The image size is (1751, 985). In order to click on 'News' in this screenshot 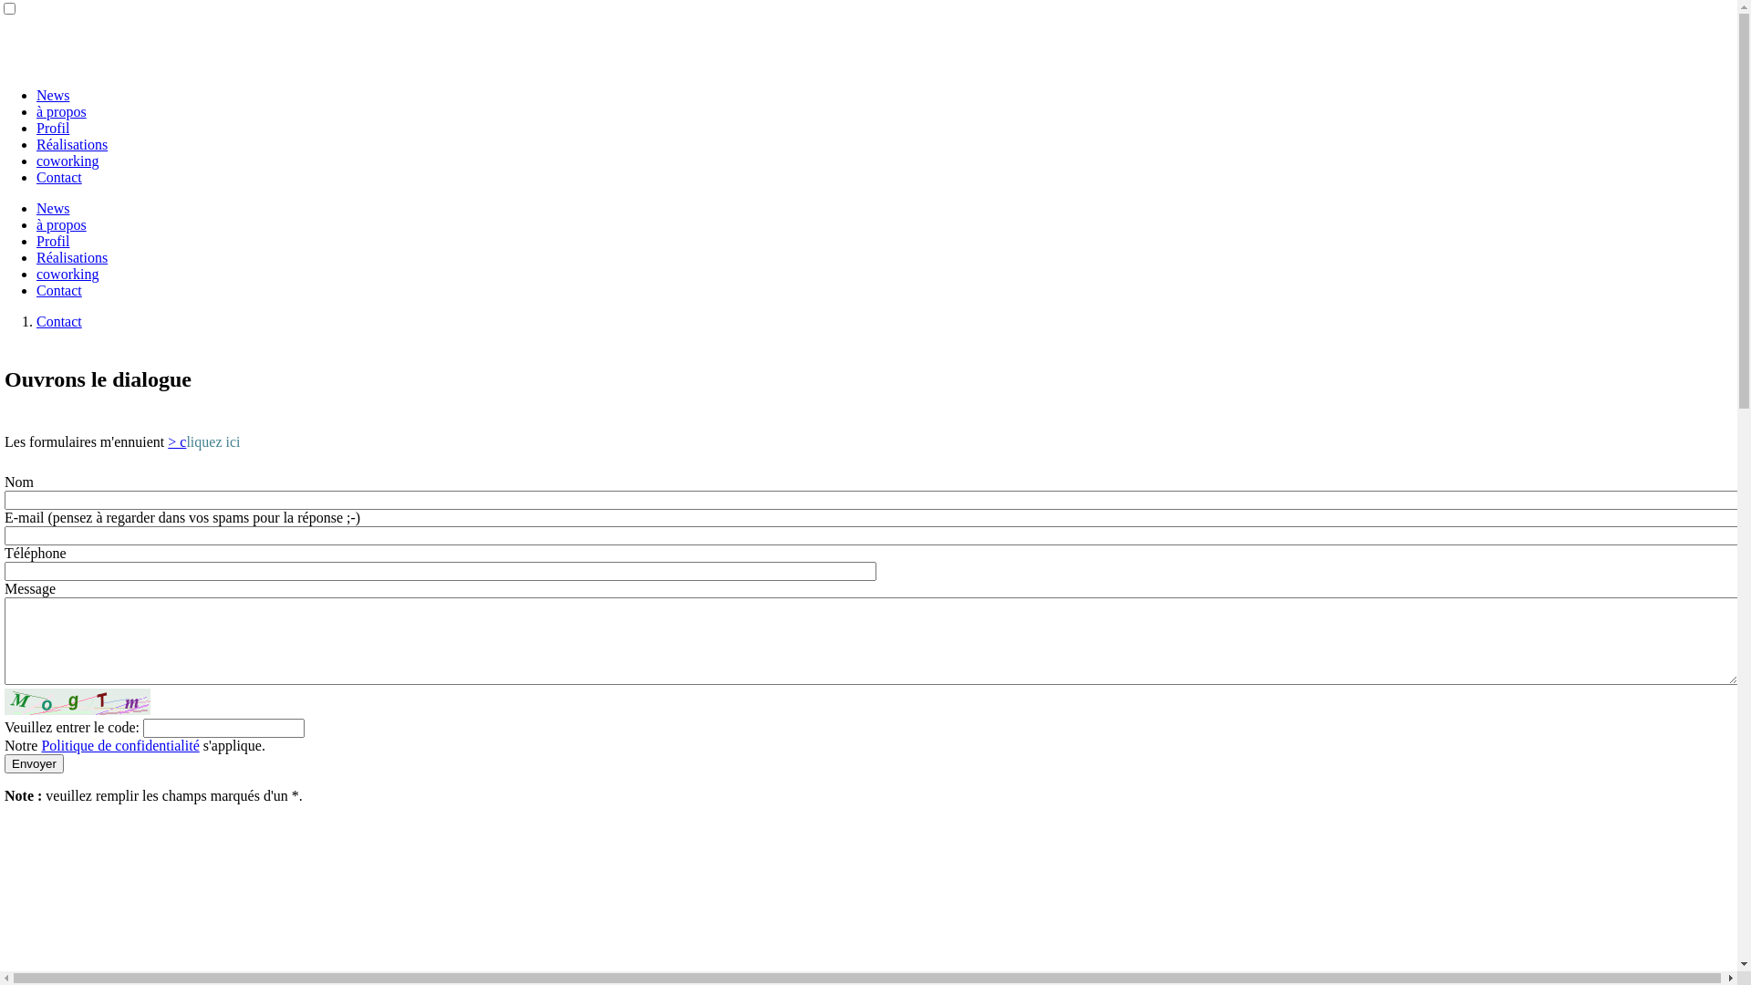, I will do `click(52, 207)`.